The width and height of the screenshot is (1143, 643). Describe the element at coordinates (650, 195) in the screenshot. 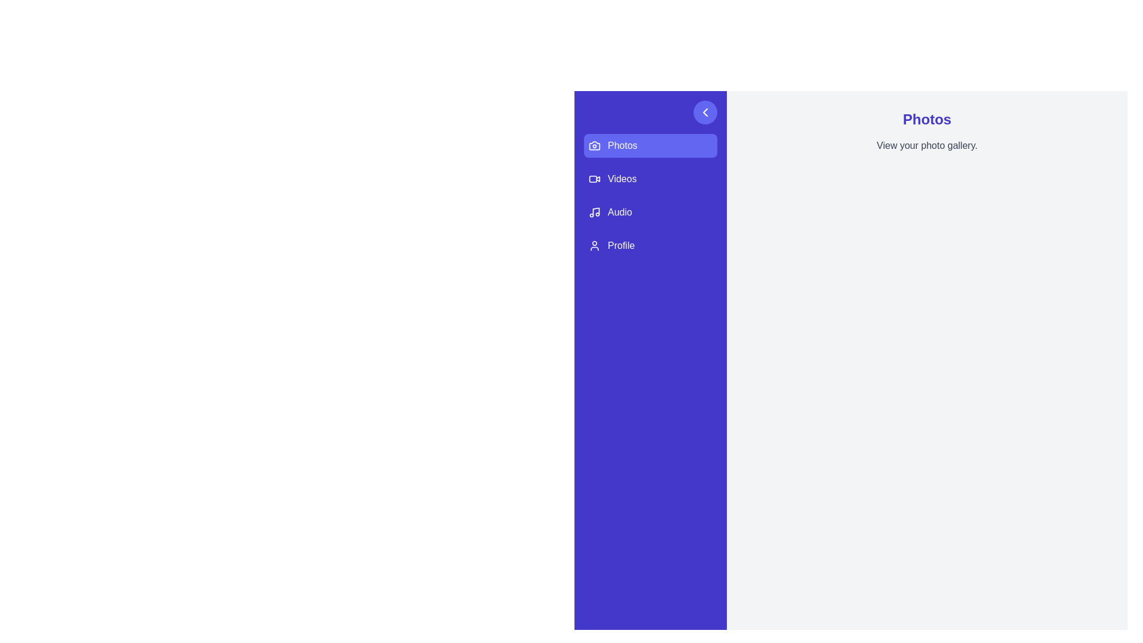

I see `the vertical navigation menu located in the left-hand sidebar, which includes options like 'Photos', 'Videos', 'Audio', and 'Profile'` at that location.